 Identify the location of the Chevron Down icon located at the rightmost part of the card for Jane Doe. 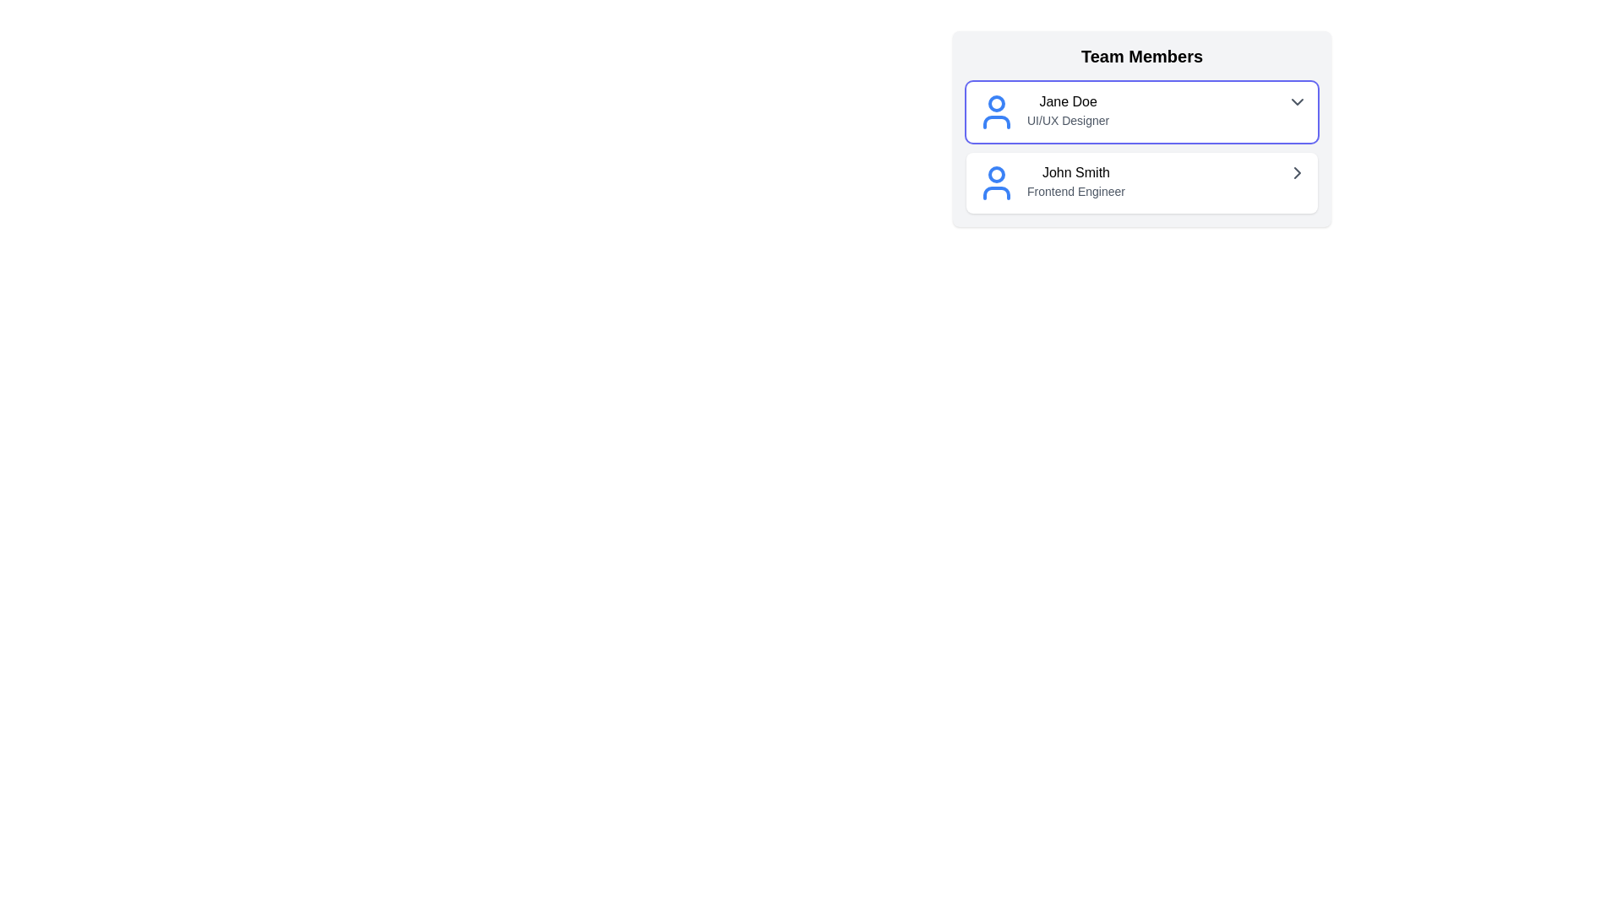
(1297, 101).